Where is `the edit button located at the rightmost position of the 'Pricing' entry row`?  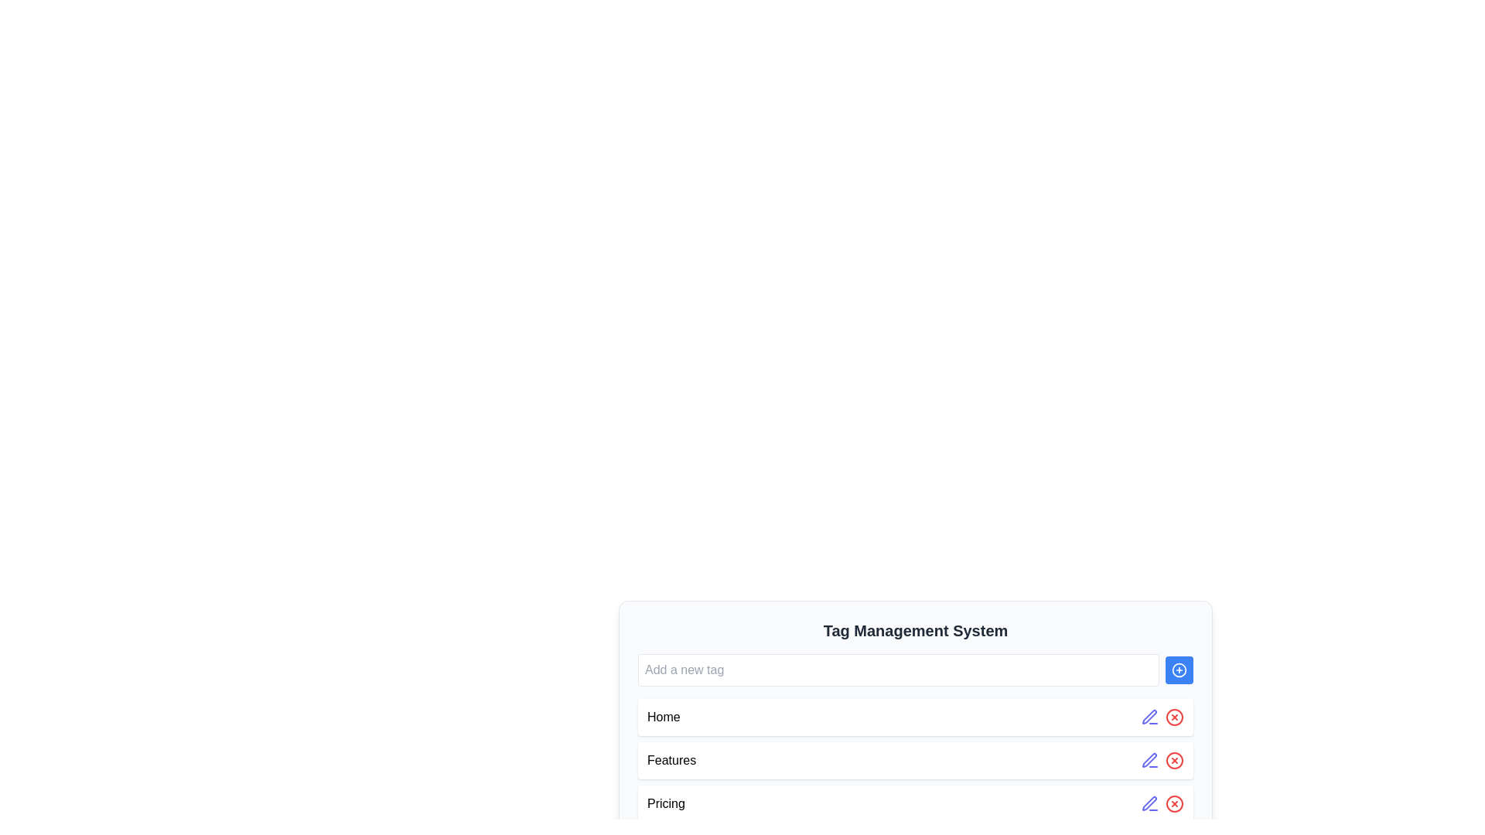
the edit button located at the rightmost position of the 'Pricing' entry row is located at coordinates (1162, 803).